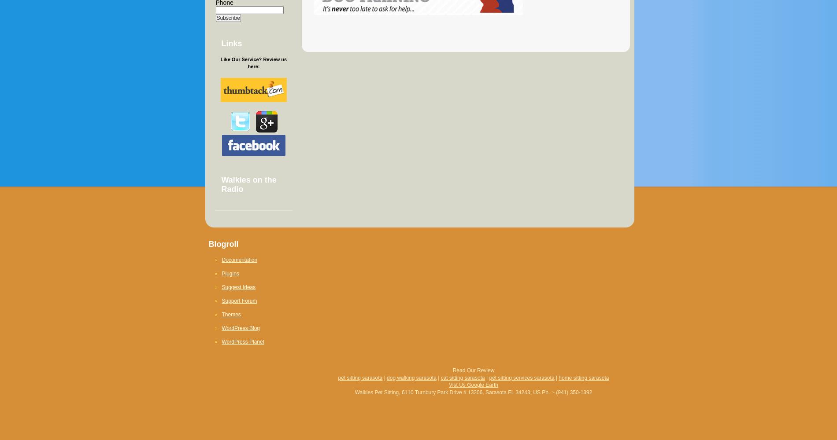  What do you see at coordinates (473, 370) in the screenshot?
I see `'Read Our Review'` at bounding box center [473, 370].